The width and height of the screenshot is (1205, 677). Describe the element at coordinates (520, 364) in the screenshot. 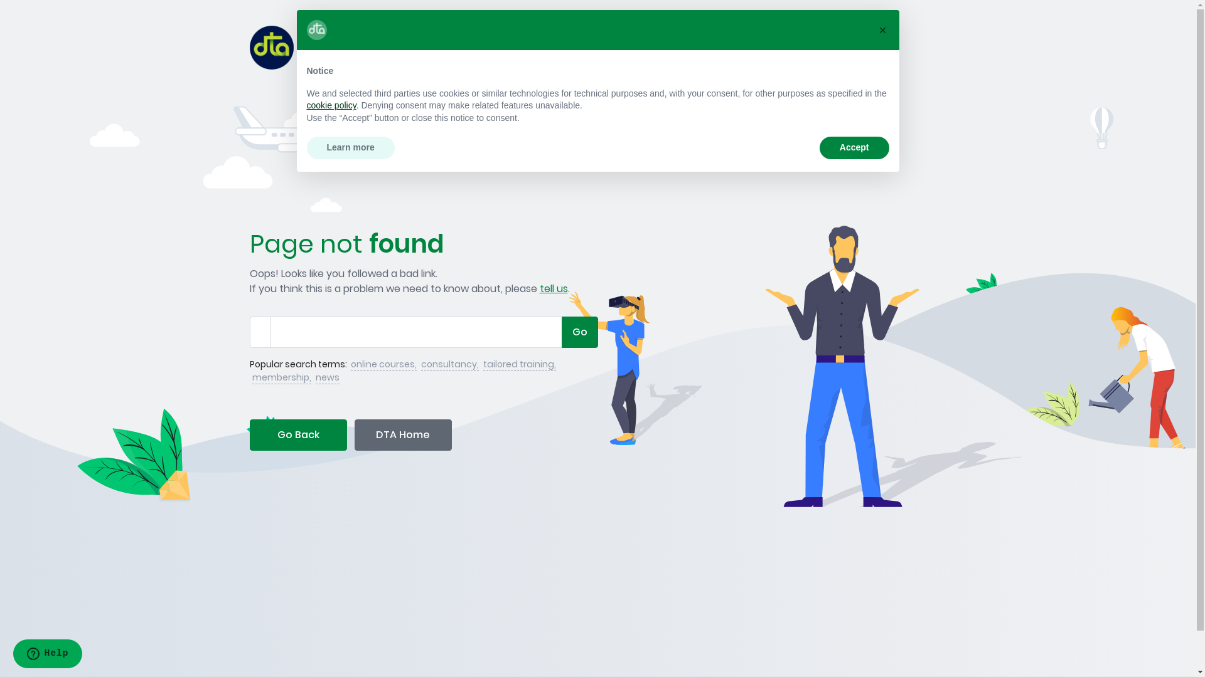

I see `'tailored training,'` at that location.